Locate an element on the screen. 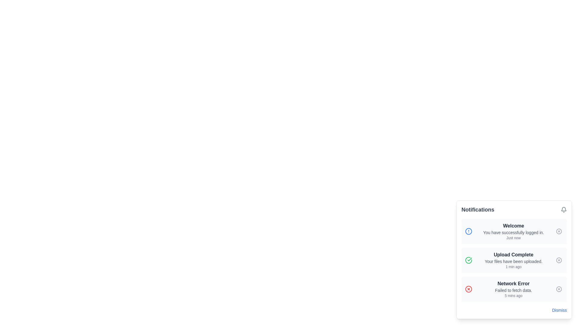 The height and width of the screenshot is (325, 578). the small circular 'X' button icon located at the far-right side of the 'Network Error' notification entry in the dropdown notification menu is located at coordinates (559, 289).